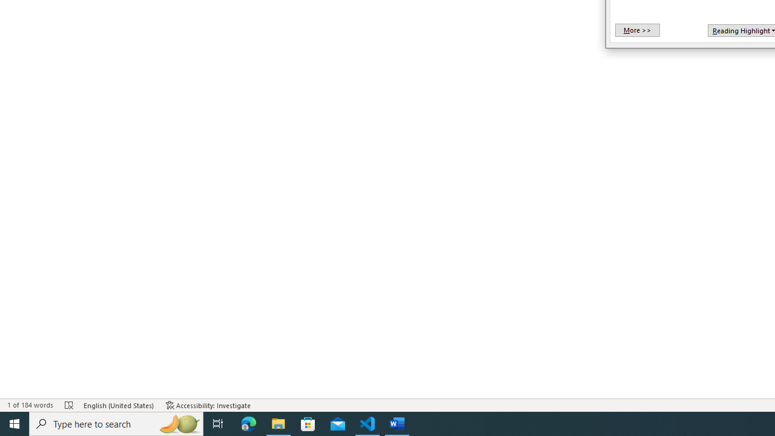  Describe the element at coordinates (178, 423) in the screenshot. I see `'Search highlights icon opens search home window'` at that location.